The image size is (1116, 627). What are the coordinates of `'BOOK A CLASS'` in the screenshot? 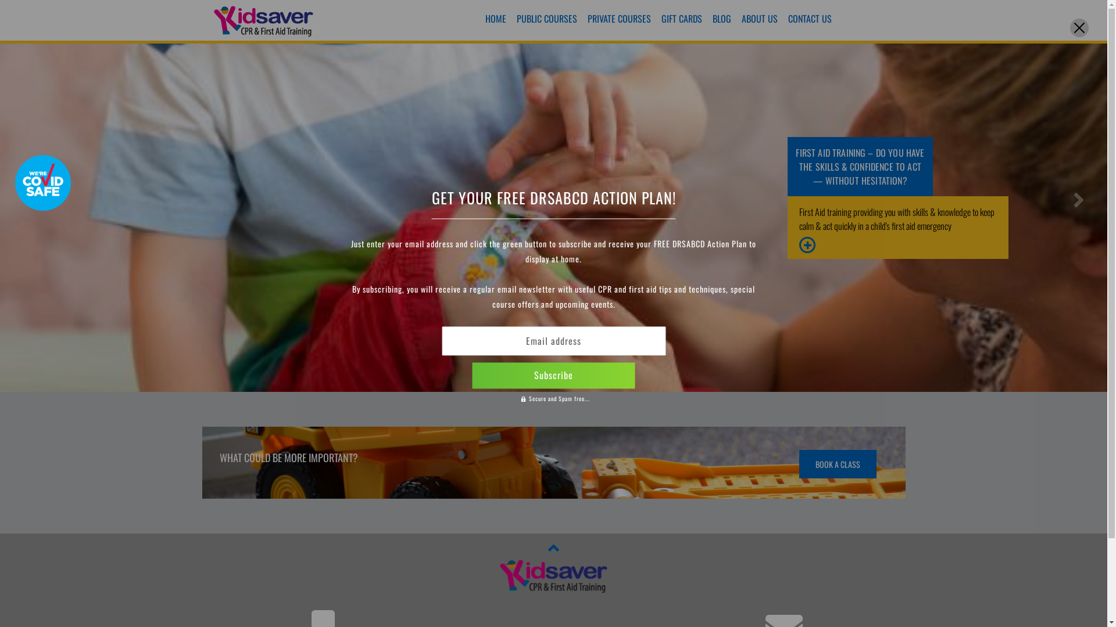 It's located at (837, 463).